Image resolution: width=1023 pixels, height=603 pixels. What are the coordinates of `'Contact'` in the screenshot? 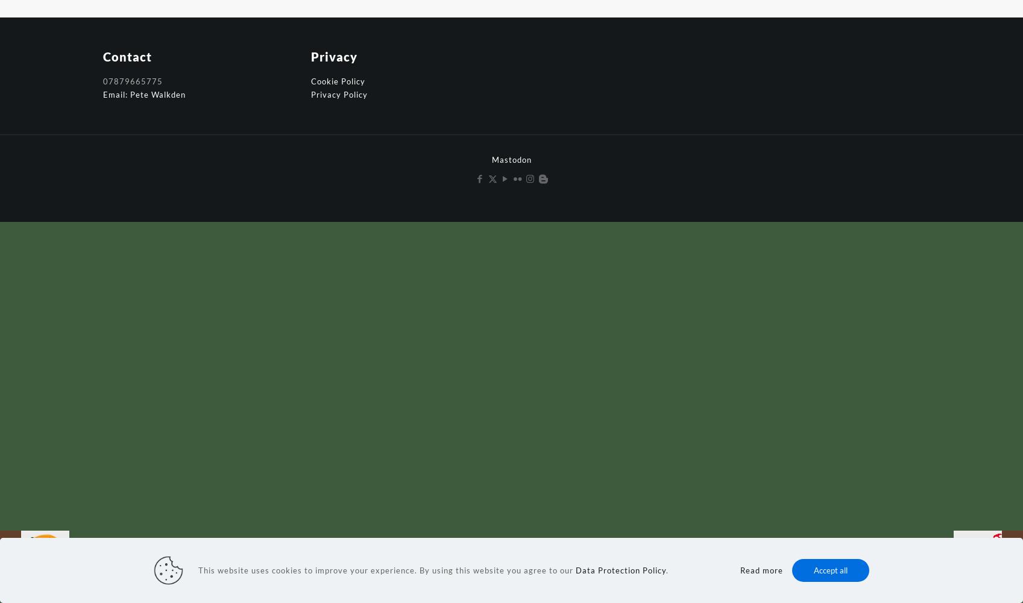 It's located at (102, 56).